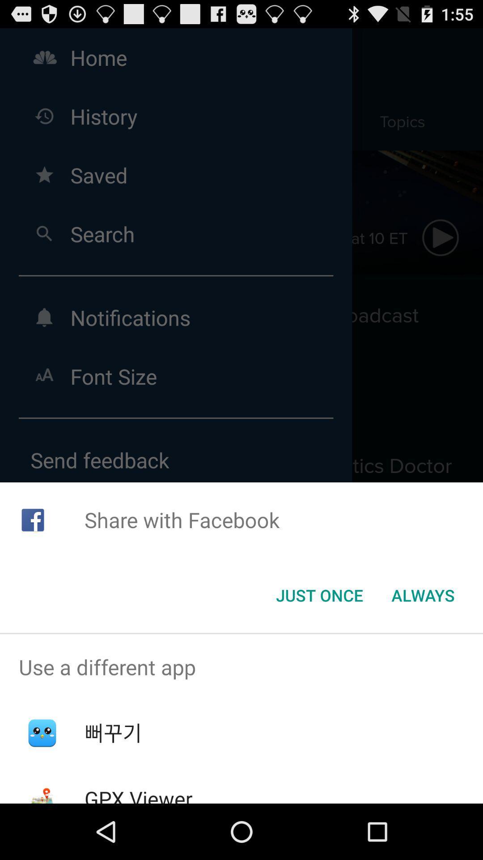 This screenshot has height=860, width=483. Describe the element at coordinates (241, 667) in the screenshot. I see `use a different item` at that location.